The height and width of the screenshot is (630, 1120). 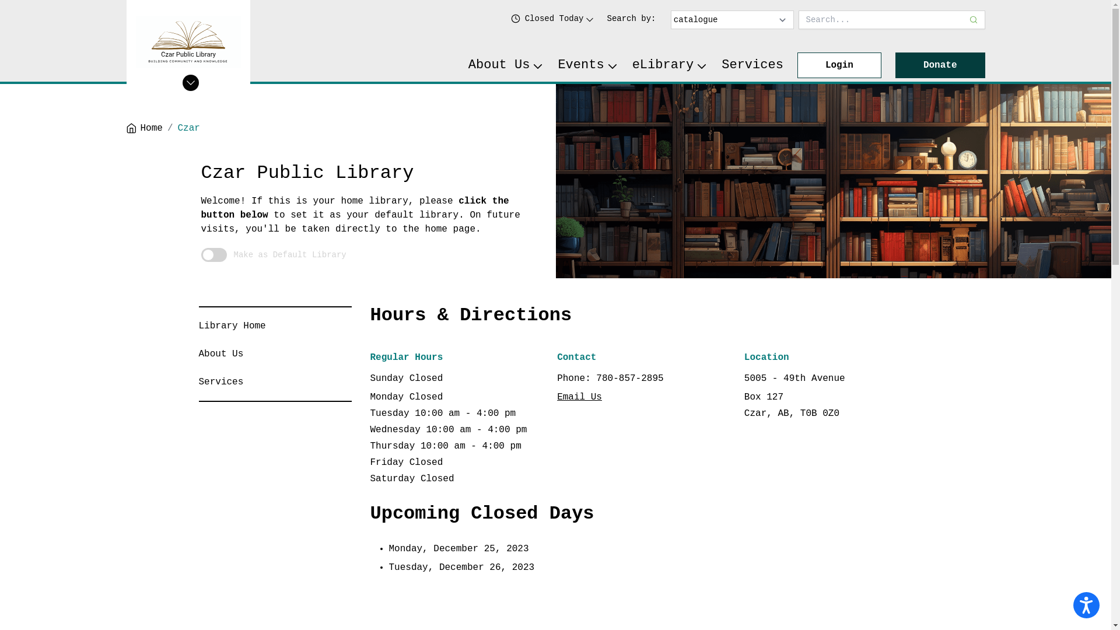 What do you see at coordinates (752, 65) in the screenshot?
I see `'Services'` at bounding box center [752, 65].